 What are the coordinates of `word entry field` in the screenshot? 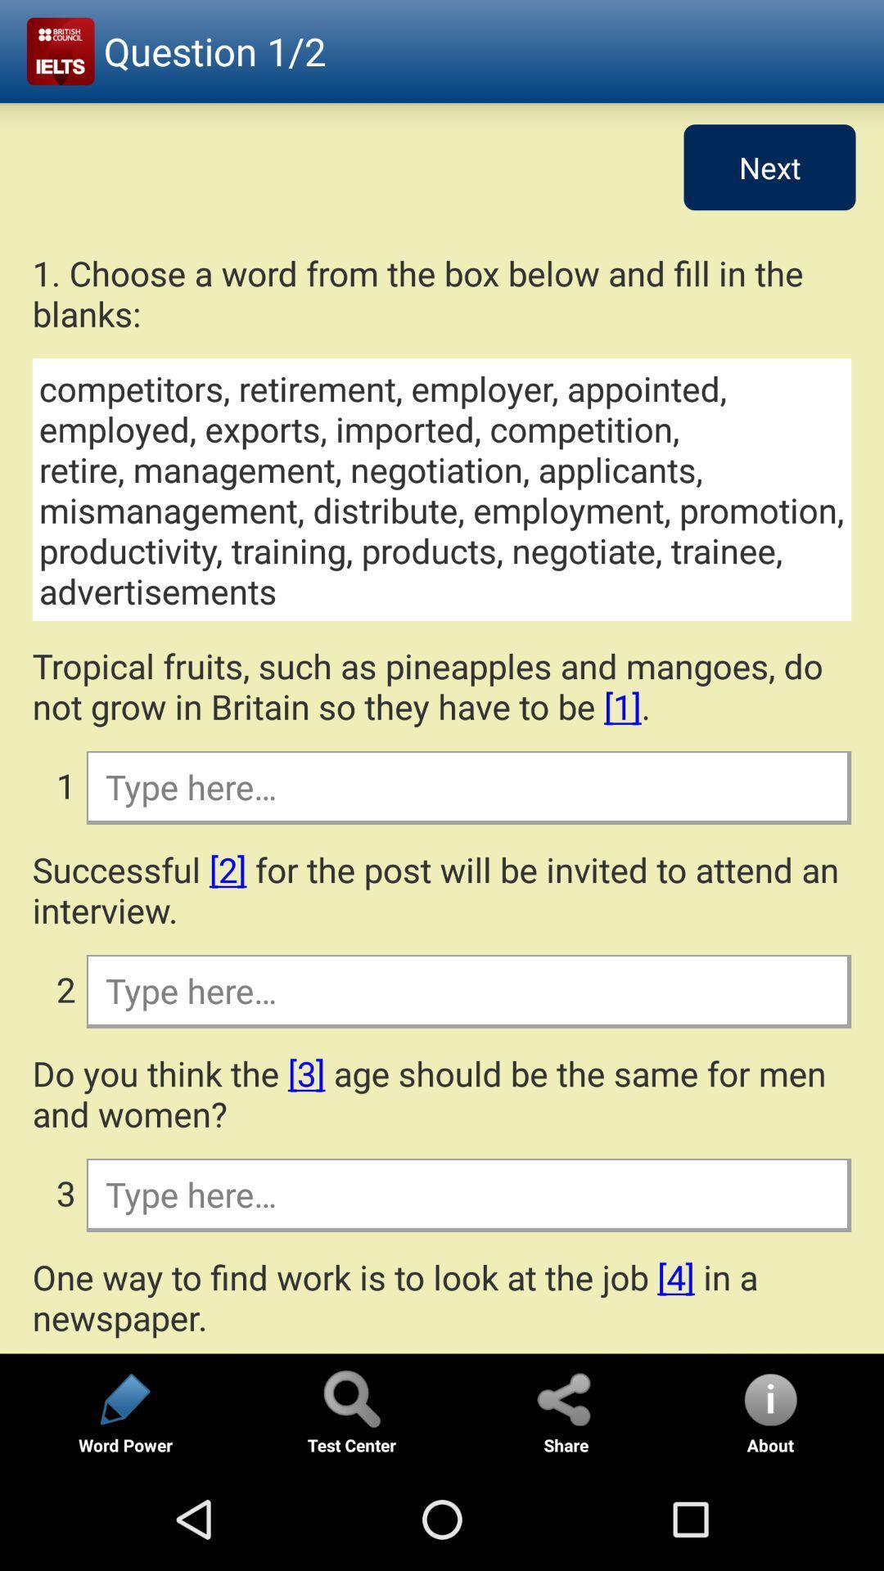 It's located at (467, 1194).